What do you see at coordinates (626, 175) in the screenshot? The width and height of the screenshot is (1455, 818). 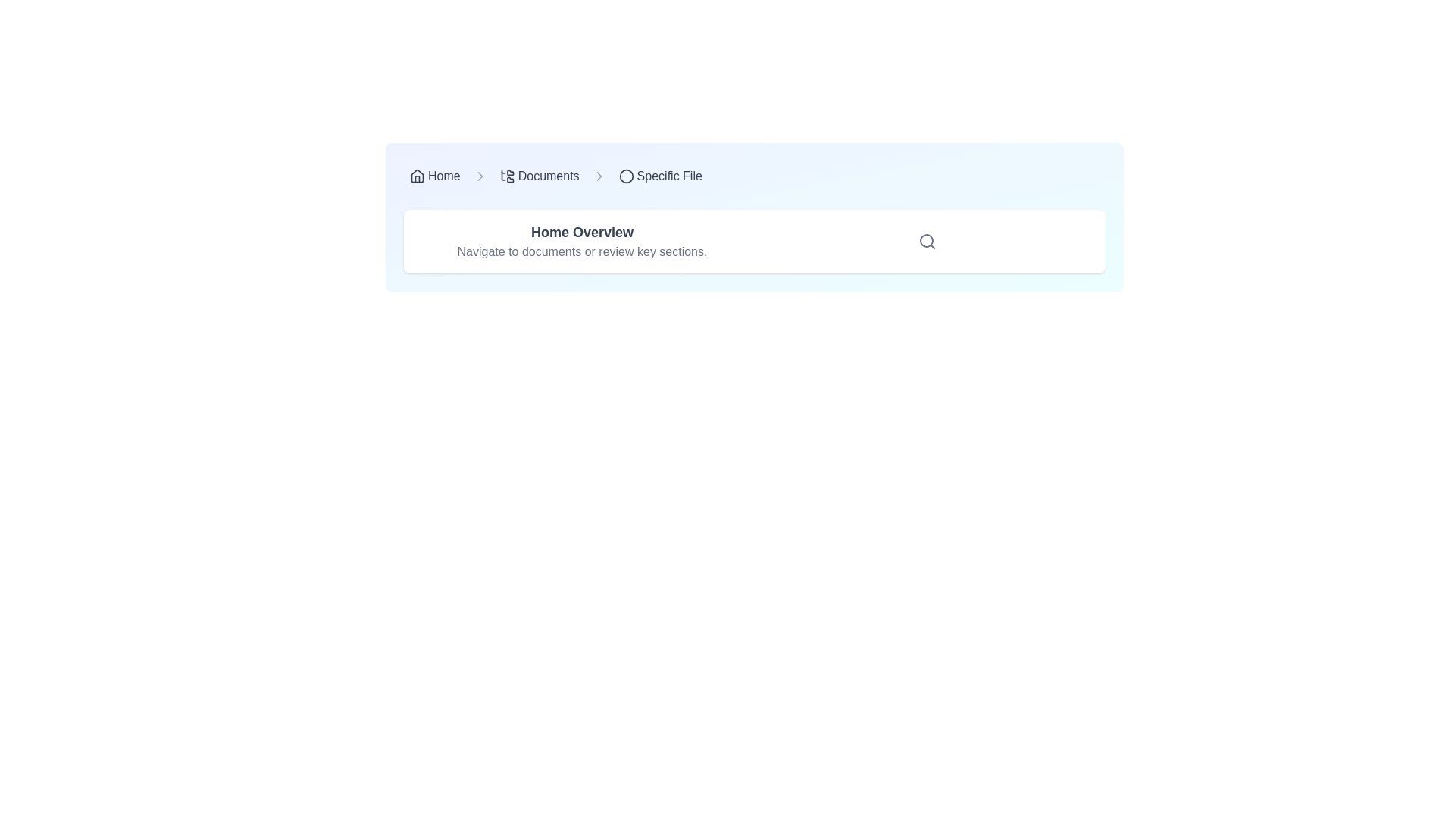 I see `the icon representing a specific file in the breadcrumb navigation, located between 'Documents' and 'Specific File' text label` at bounding box center [626, 175].